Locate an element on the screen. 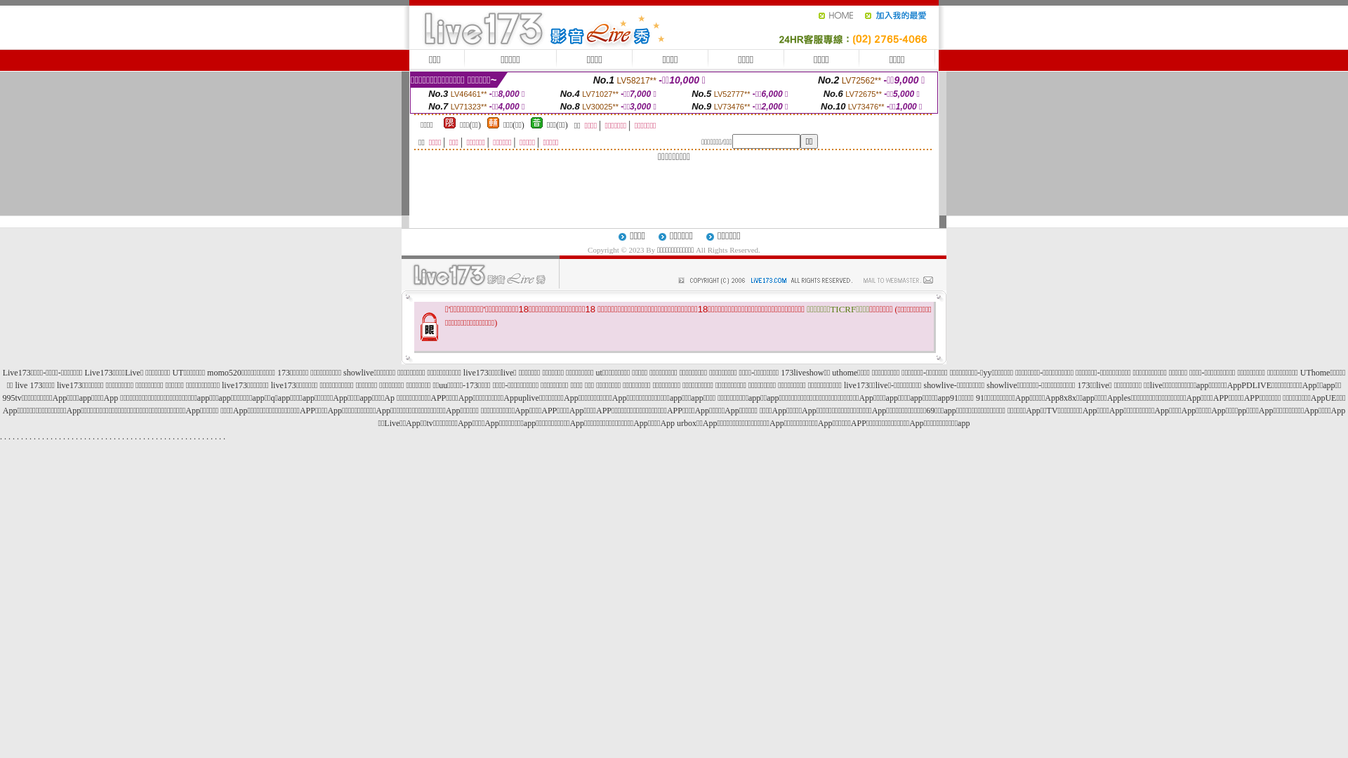 This screenshot has height=758, width=1348. '.' is located at coordinates (39, 435).